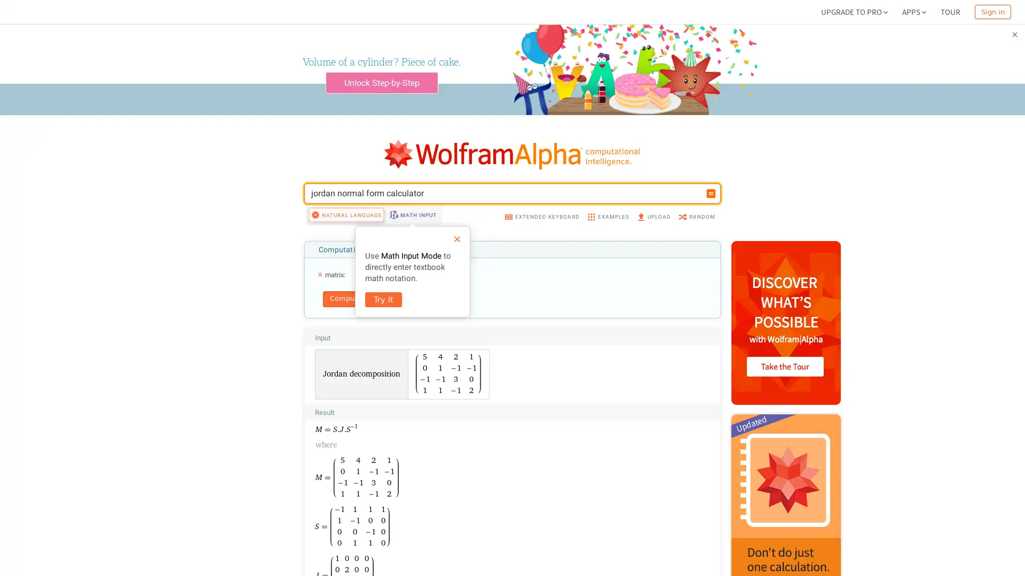 Image resolution: width=1025 pixels, height=576 pixels. Describe the element at coordinates (412, 214) in the screenshot. I see `MATH INPUT` at that location.